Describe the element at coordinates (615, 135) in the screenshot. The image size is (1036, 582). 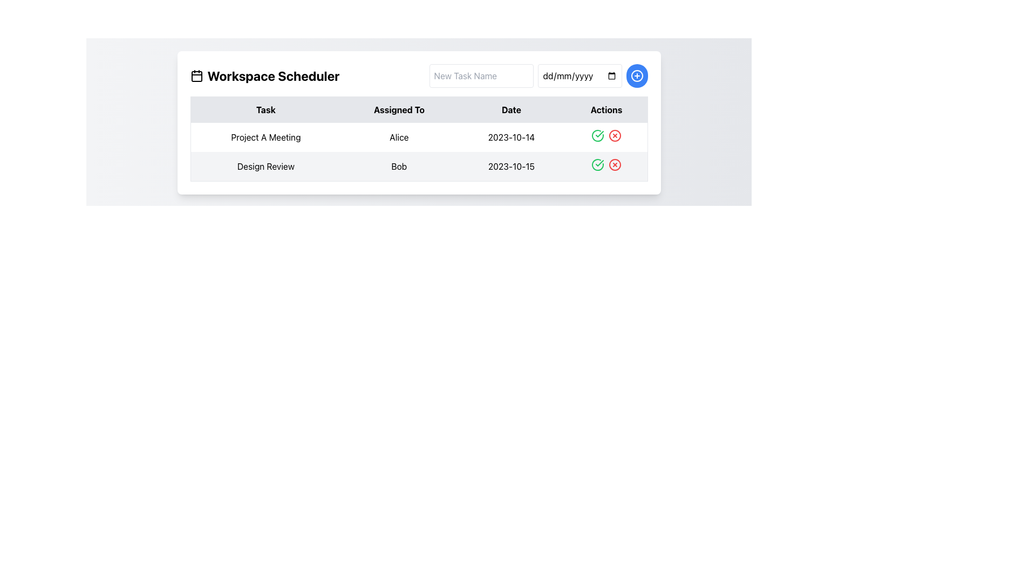
I see `the dismiss icon button associated with the 'Project A Meeting' task to observe the hover effect` at that location.